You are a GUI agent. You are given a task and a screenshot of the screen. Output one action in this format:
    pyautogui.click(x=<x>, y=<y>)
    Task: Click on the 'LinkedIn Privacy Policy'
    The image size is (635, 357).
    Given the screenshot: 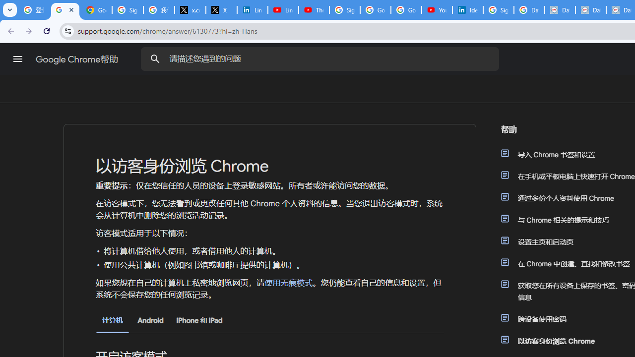 What is the action you would take?
    pyautogui.click(x=252, y=10)
    